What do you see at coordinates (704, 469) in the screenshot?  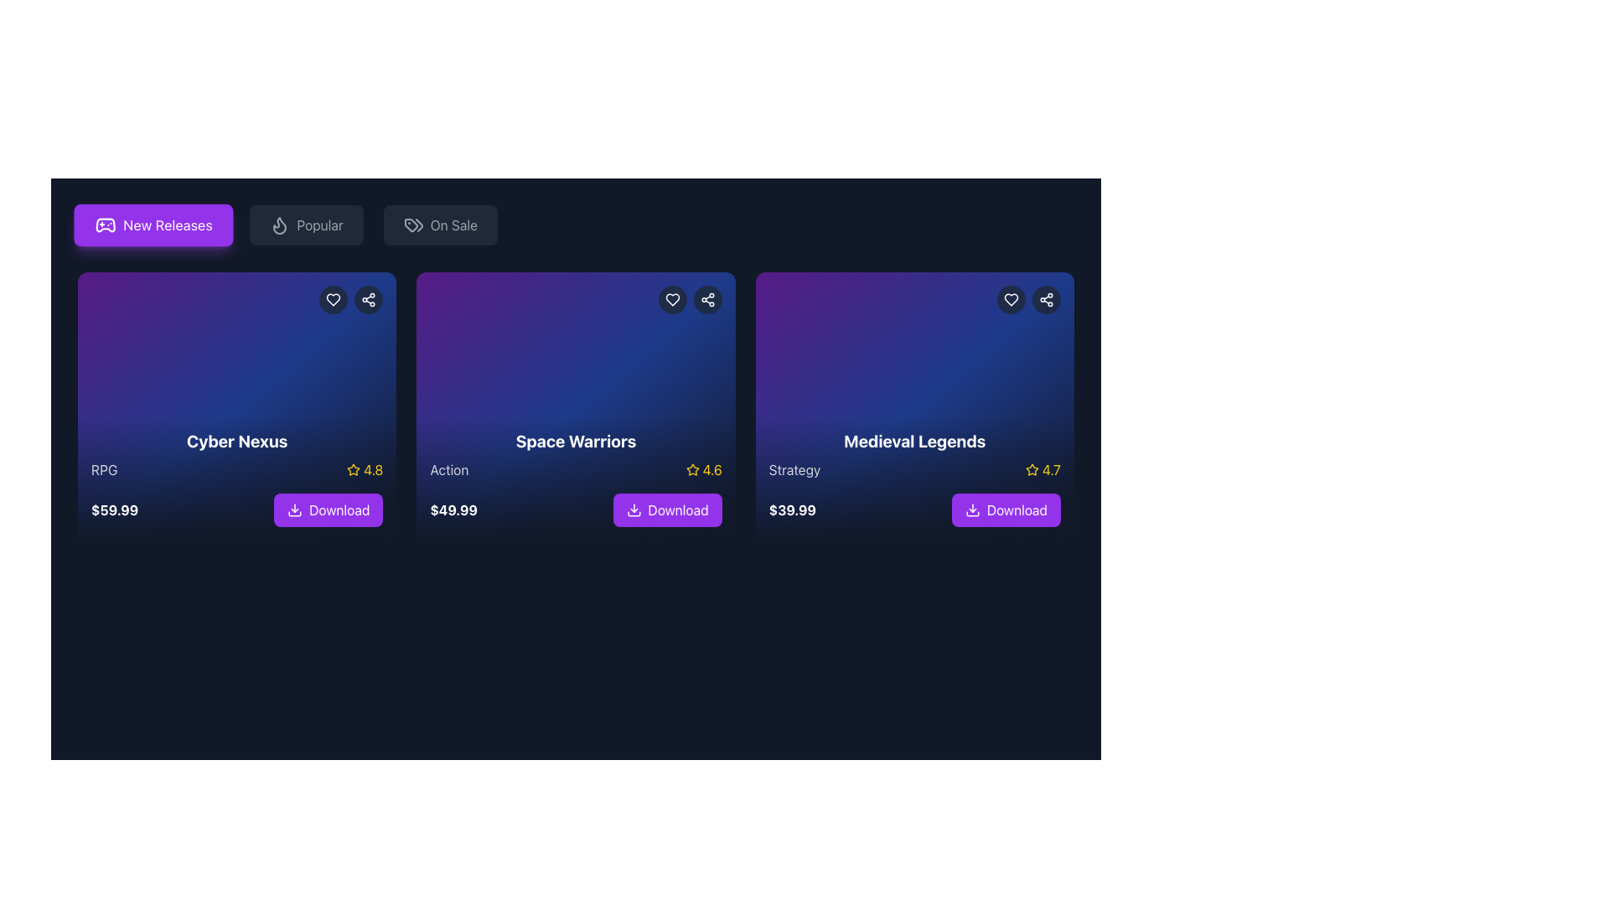 I see `the text-based rating indicator for 'Space Warriors', which is located at the bottom-right of the card above the 'Download' button` at bounding box center [704, 469].